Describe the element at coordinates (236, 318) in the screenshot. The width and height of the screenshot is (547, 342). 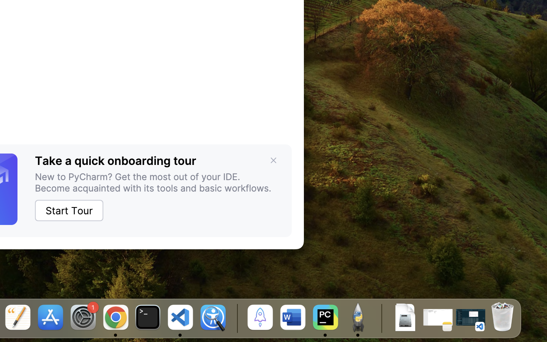
I see `'0.4285714328289032'` at that location.